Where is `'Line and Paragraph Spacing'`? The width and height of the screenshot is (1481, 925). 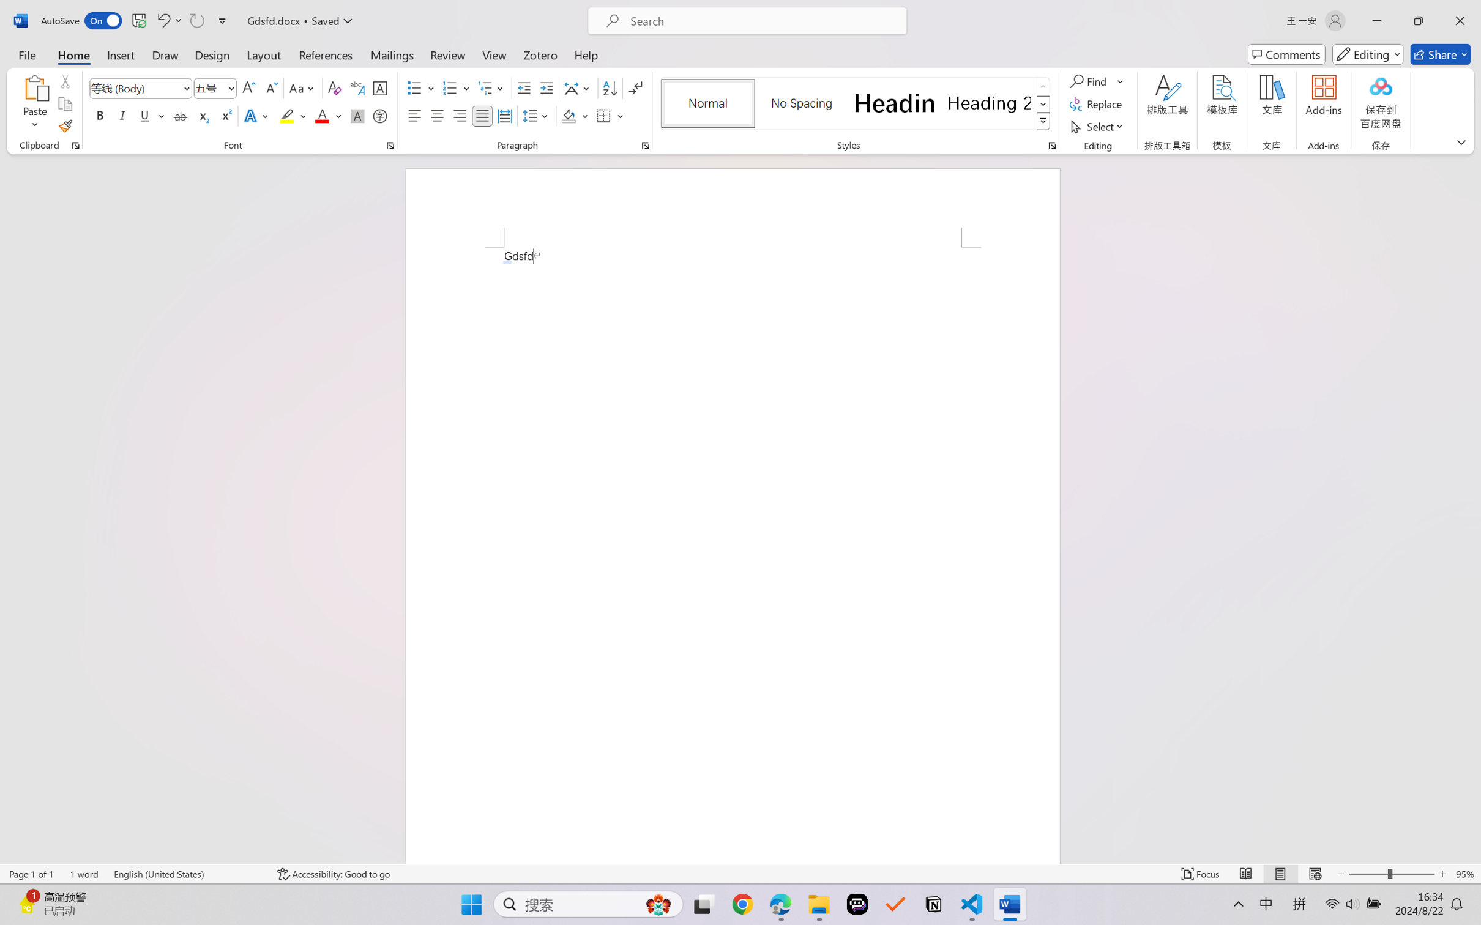 'Line and Paragraph Spacing' is located at coordinates (536, 115).